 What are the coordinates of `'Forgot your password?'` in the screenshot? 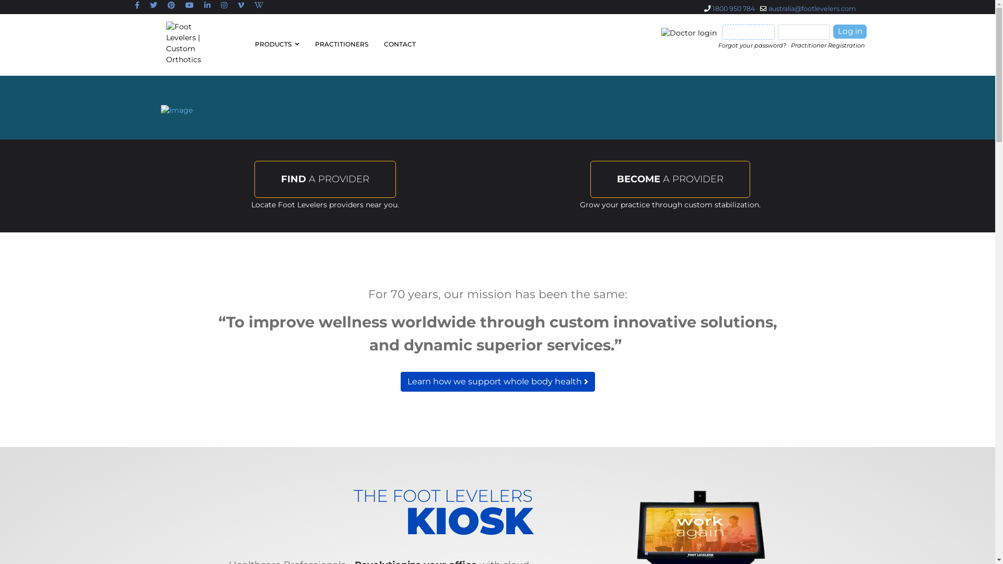 It's located at (752, 45).